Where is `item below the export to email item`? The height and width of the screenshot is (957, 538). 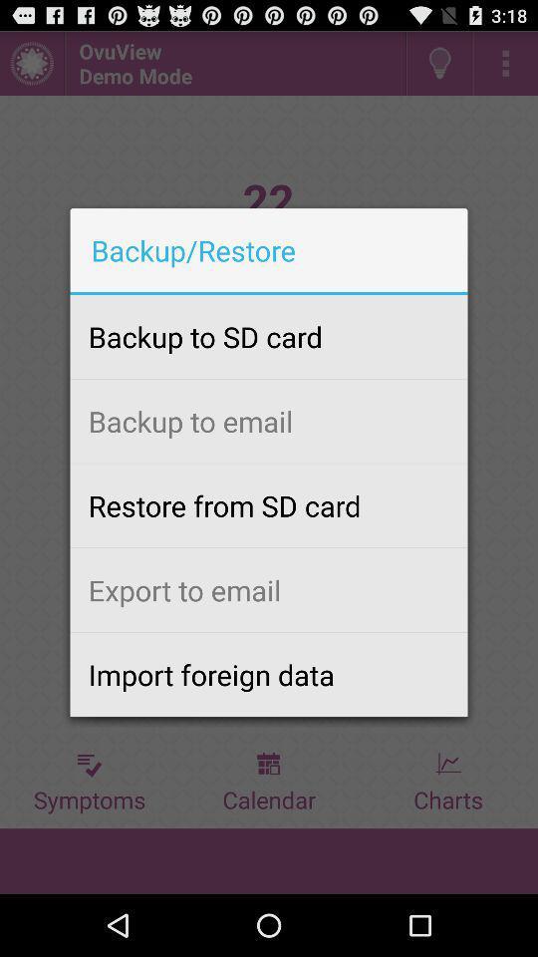 item below the export to email item is located at coordinates (269, 674).